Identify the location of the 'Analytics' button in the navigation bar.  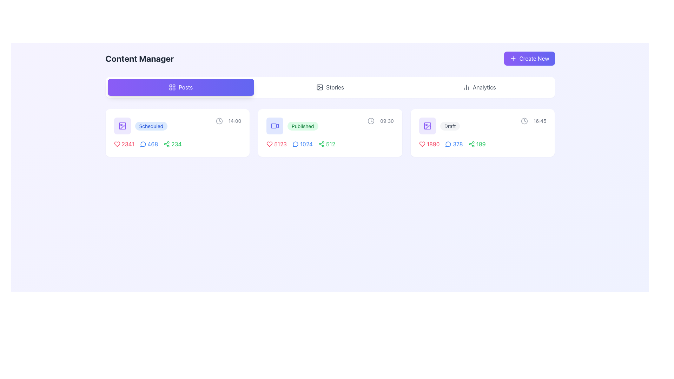
(479, 87).